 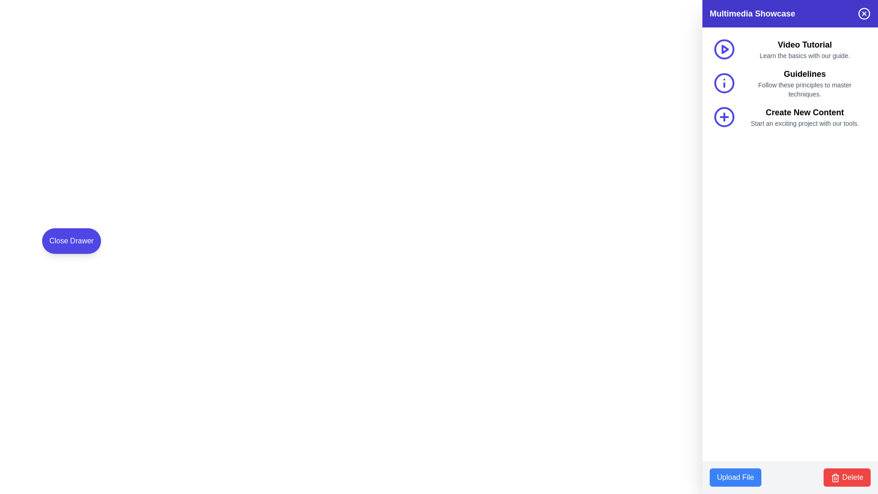 I want to click on the second icon in the vertical list within the right panel that serves as a marker for the 'Guidelines' section, so click(x=724, y=83).